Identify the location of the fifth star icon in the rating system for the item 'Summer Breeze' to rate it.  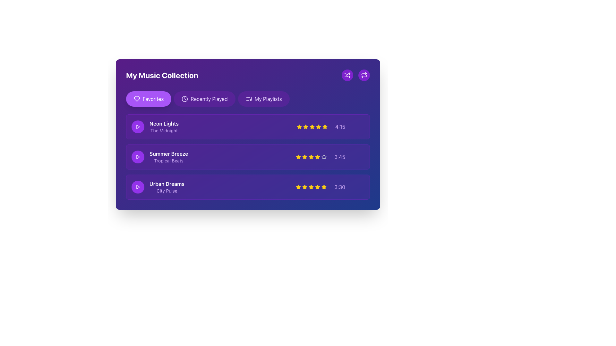
(318, 157).